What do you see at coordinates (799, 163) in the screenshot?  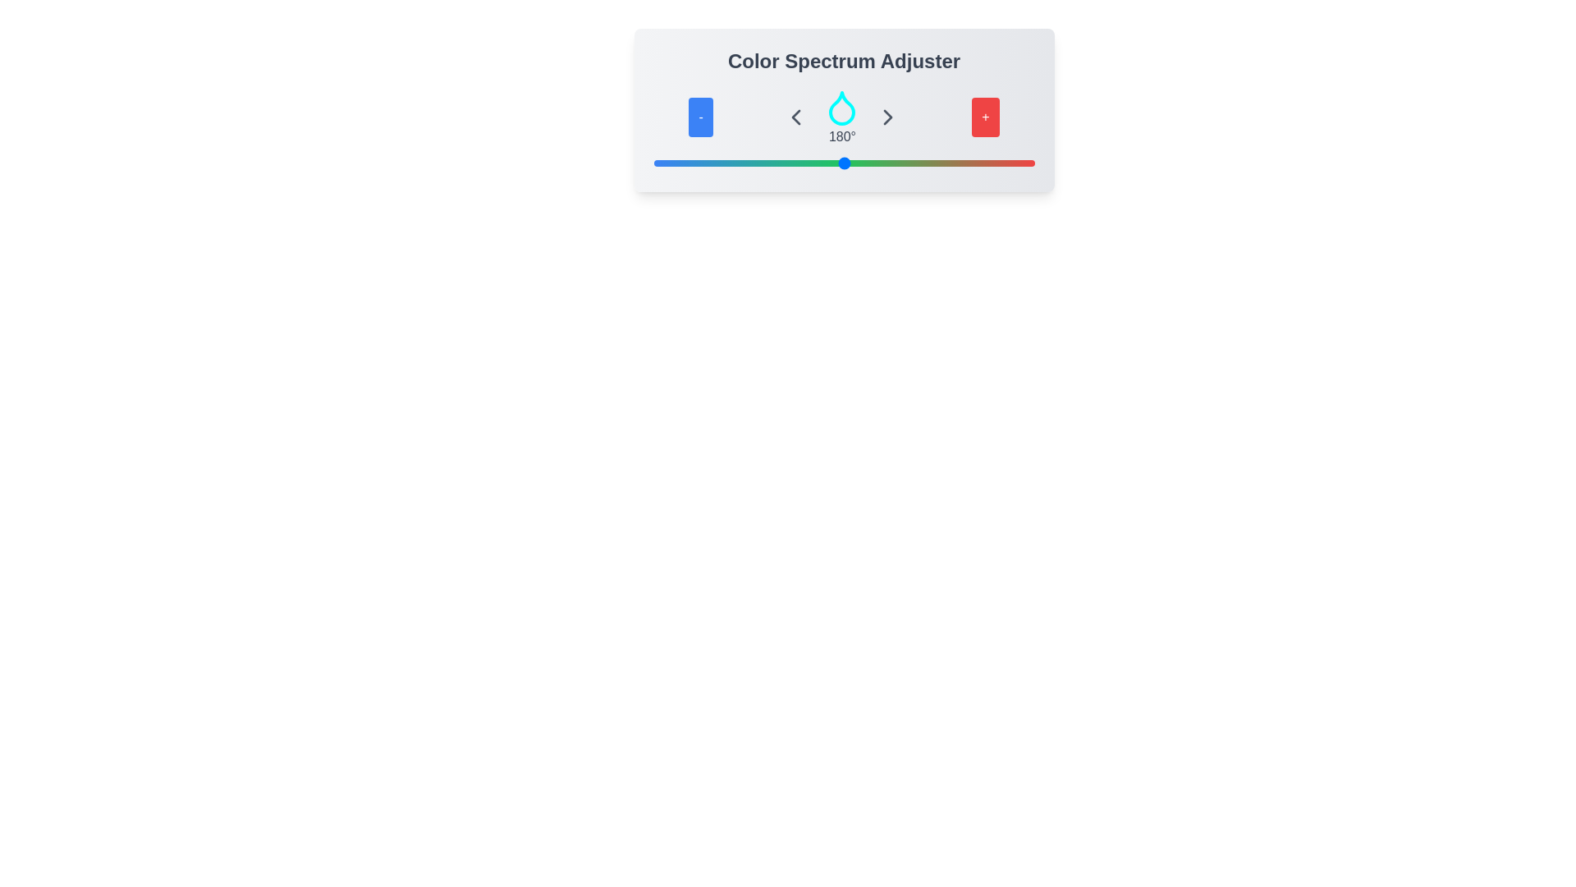 I see `the slider to set the color spectrum to 138` at bounding box center [799, 163].